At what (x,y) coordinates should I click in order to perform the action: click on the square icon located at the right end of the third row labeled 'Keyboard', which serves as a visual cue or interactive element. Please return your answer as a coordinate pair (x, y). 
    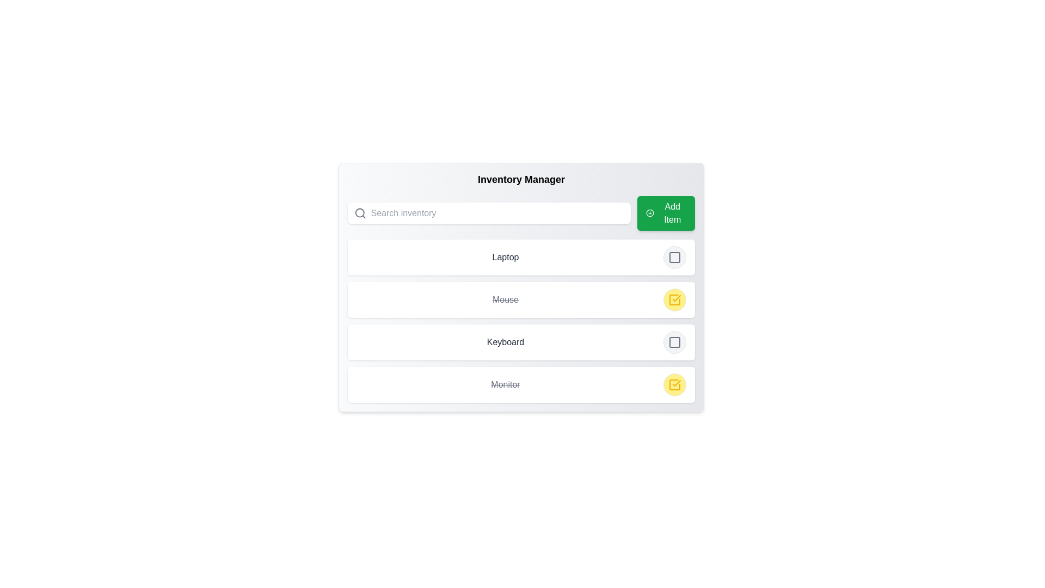
    Looking at the image, I should click on (674, 341).